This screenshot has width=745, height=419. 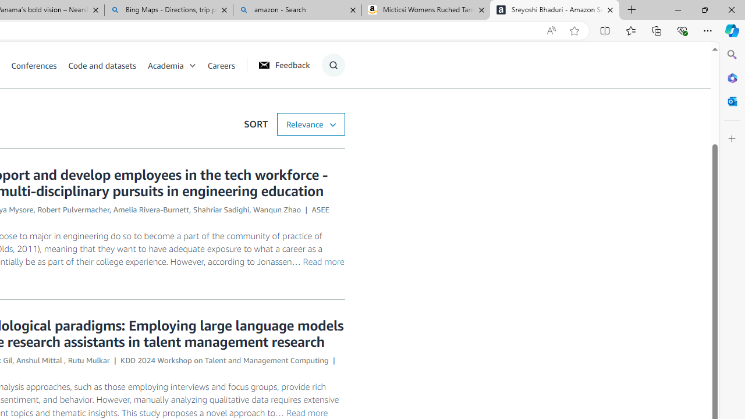 What do you see at coordinates (284, 65) in the screenshot?
I see `'Feedback'` at bounding box center [284, 65].